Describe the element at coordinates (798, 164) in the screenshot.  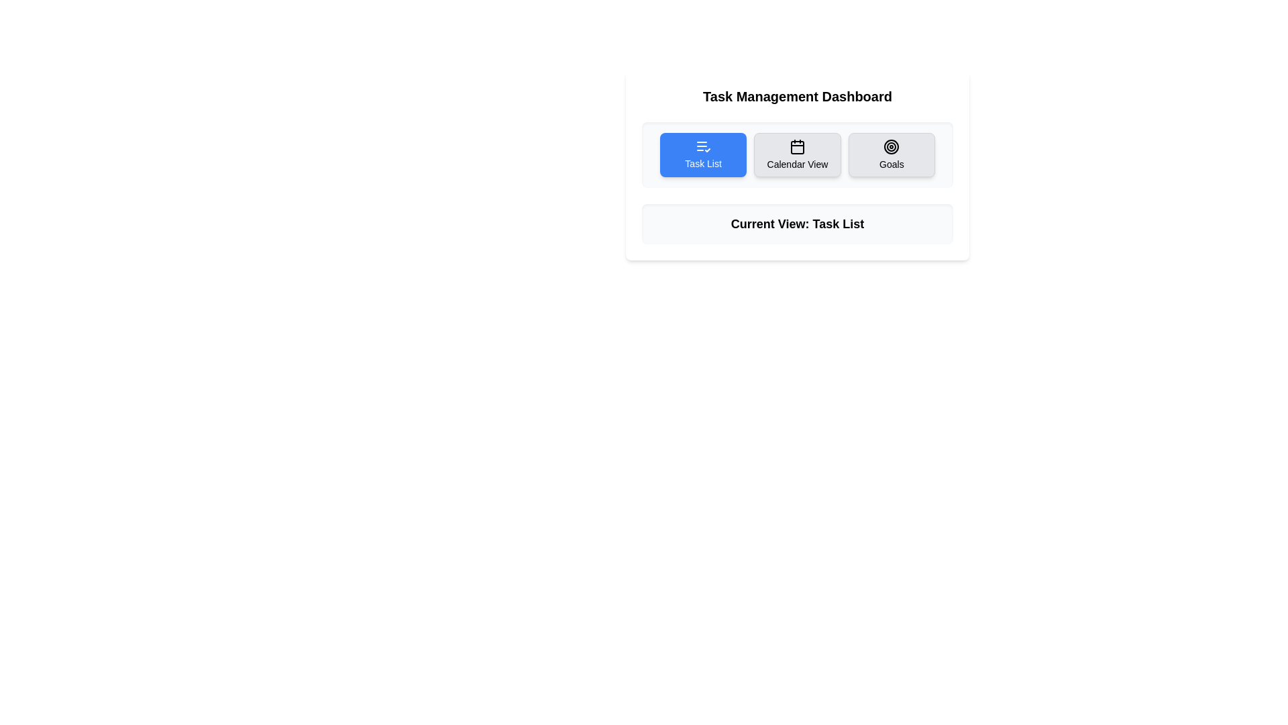
I see `'Calendar View' label, which is a text label styled with a regular font size and positioned under a calendar icon in a card-like button interface` at that location.